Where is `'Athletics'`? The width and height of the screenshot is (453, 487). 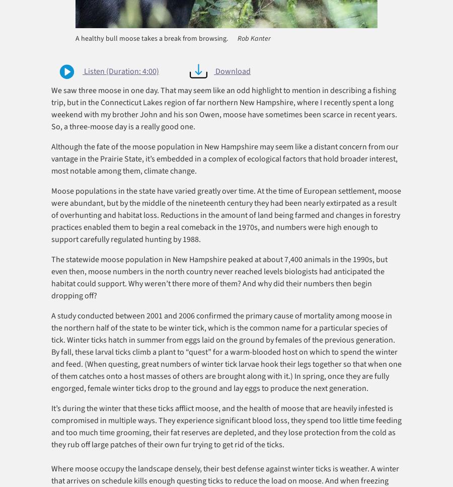 'Athletics' is located at coordinates (45, 37).